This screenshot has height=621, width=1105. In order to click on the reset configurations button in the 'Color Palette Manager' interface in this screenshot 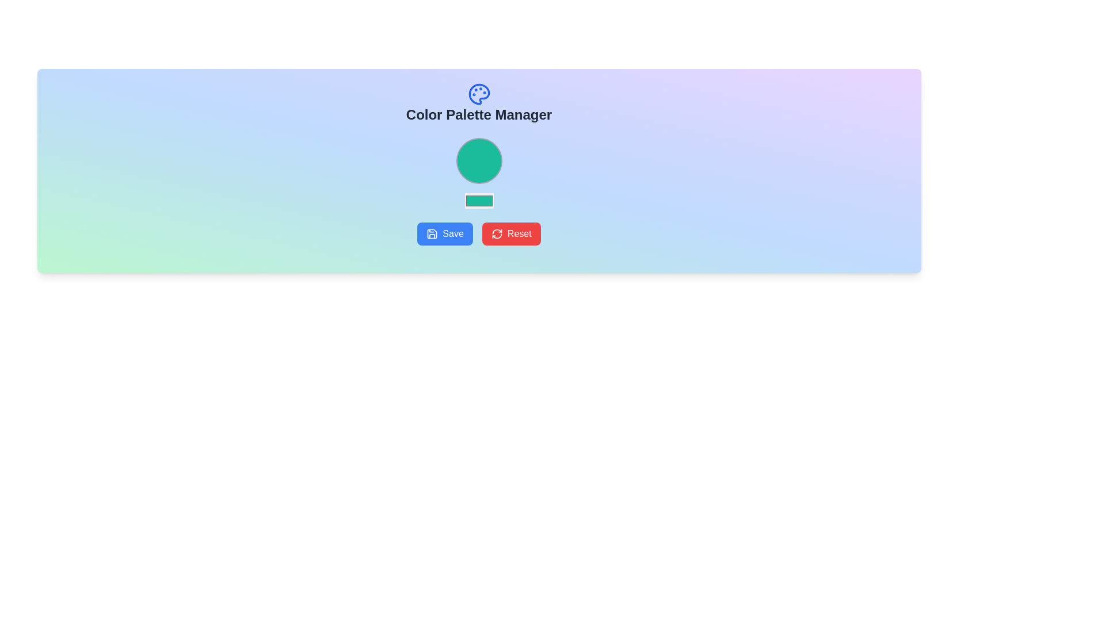, I will do `click(510, 233)`.